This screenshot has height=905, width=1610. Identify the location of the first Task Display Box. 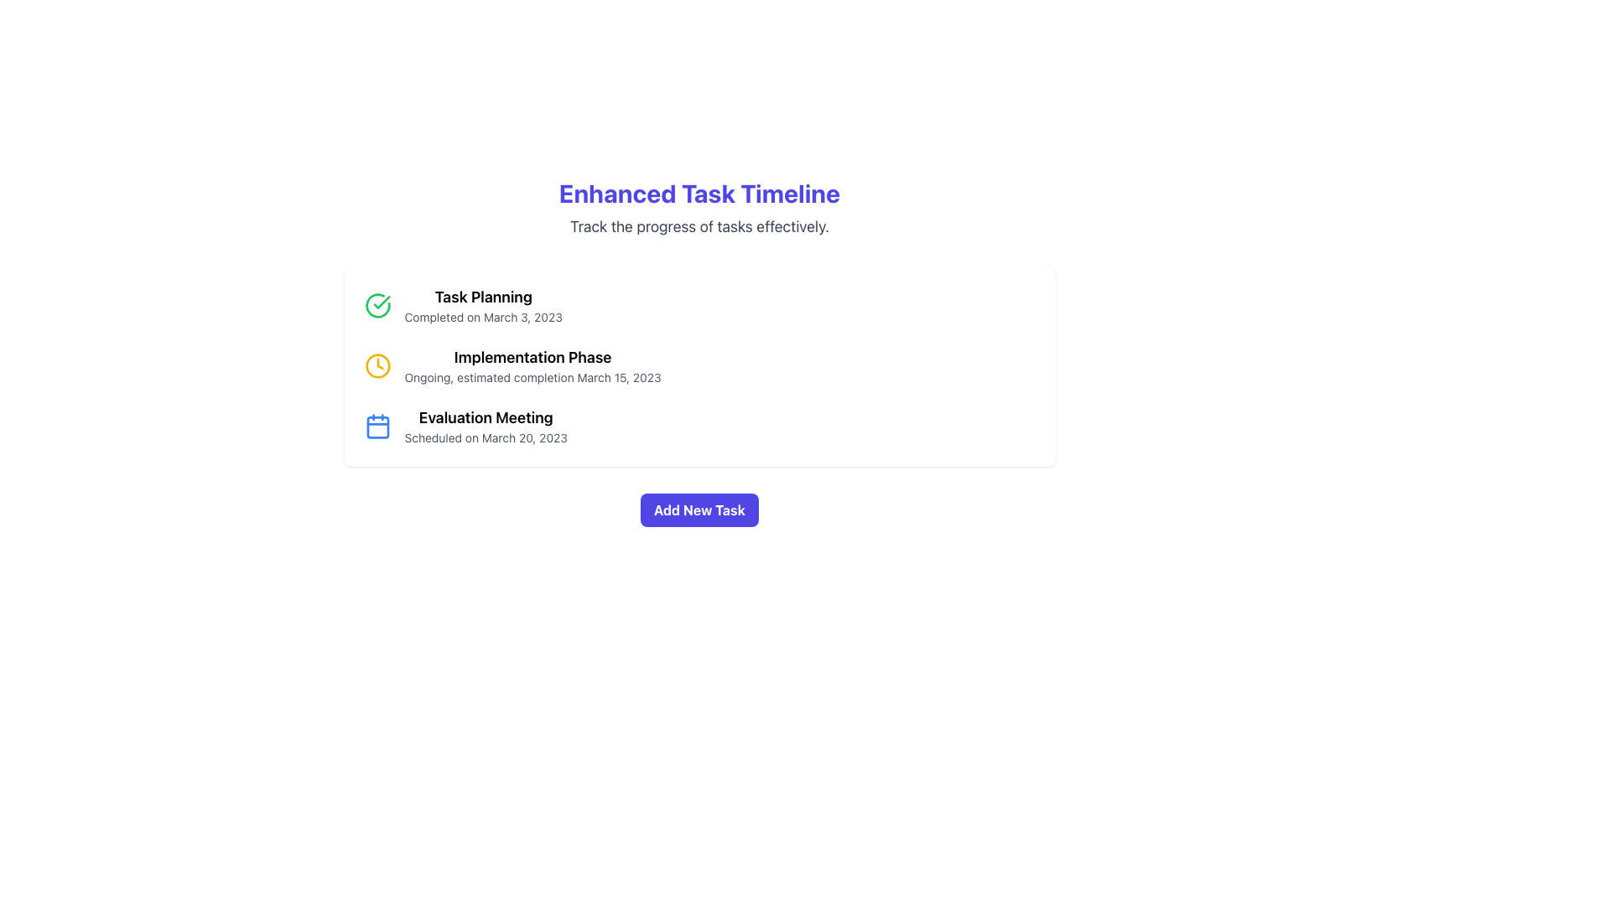
(699, 306).